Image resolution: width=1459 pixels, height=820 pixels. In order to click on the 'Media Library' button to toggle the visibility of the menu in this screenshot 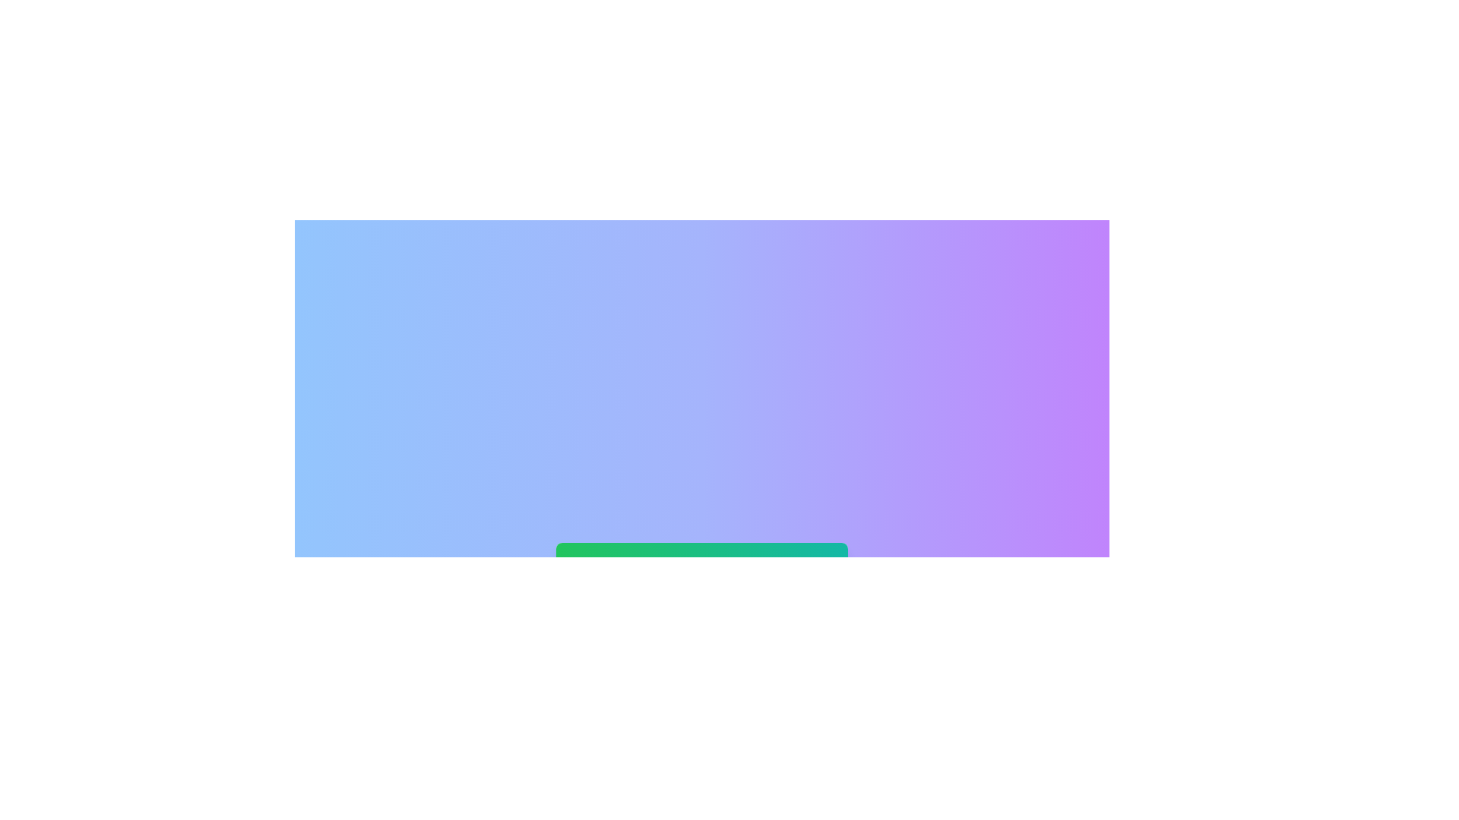, I will do `click(701, 562)`.